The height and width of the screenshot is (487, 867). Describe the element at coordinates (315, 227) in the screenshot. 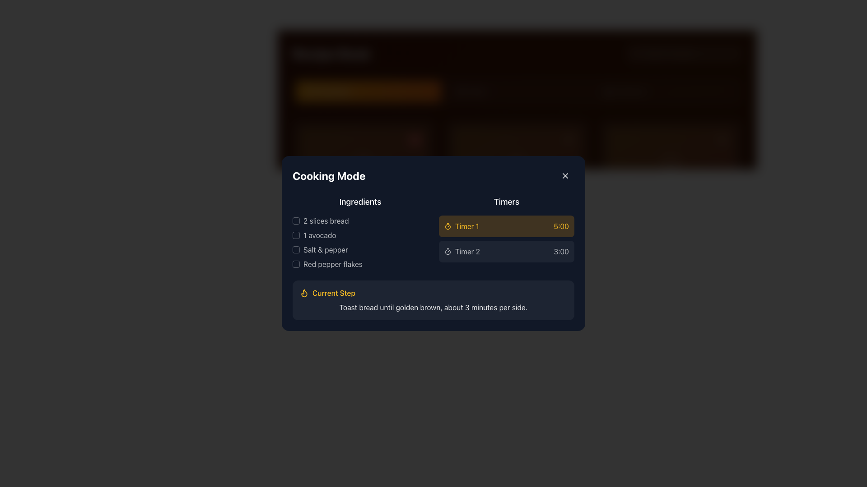

I see `the static text element displaying '15 mins' next to a minimalistic clock icon within the 'Cooking Mode' popup under the 'Timers' section` at that location.